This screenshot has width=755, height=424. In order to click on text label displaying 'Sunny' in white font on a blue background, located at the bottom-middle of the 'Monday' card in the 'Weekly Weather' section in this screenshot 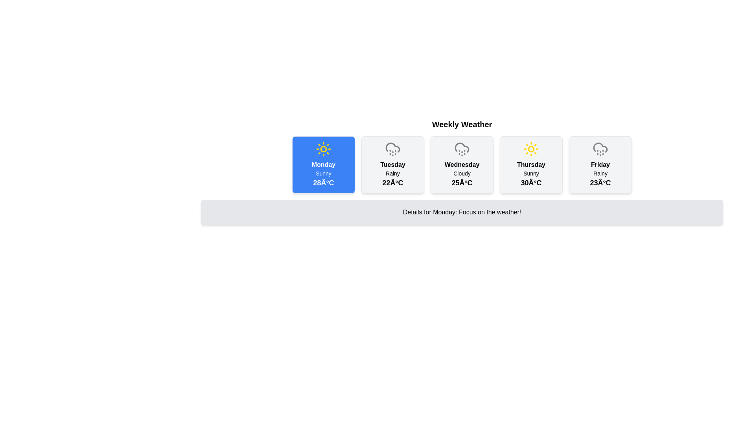, I will do `click(323, 173)`.